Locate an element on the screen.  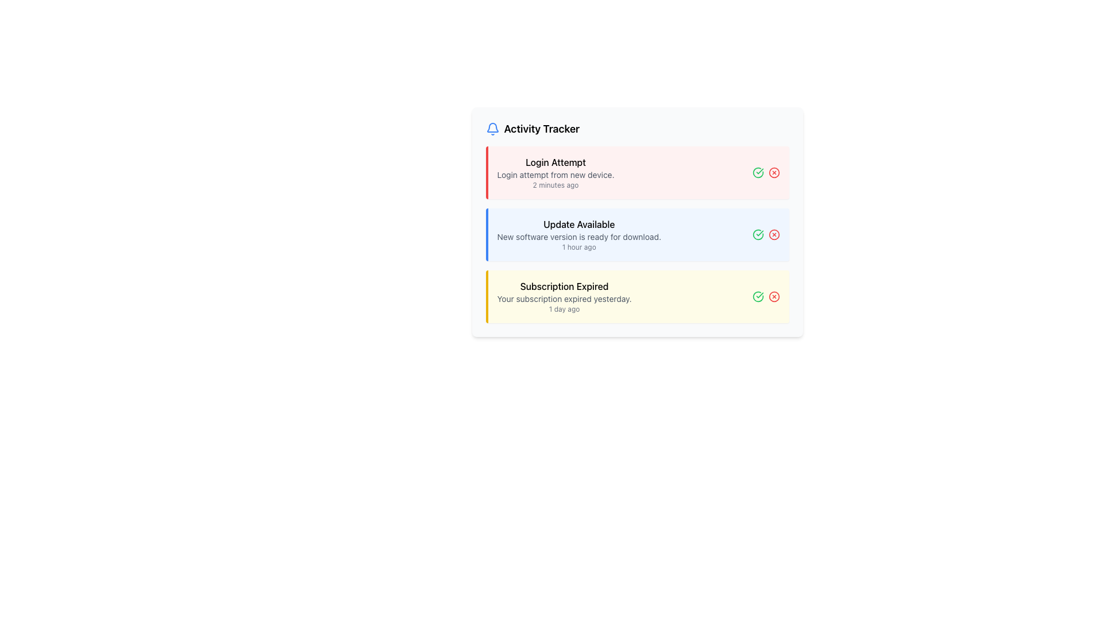
the green icon of the second notification item that displays information about an available software update to confirm the update is located at coordinates (637, 234).